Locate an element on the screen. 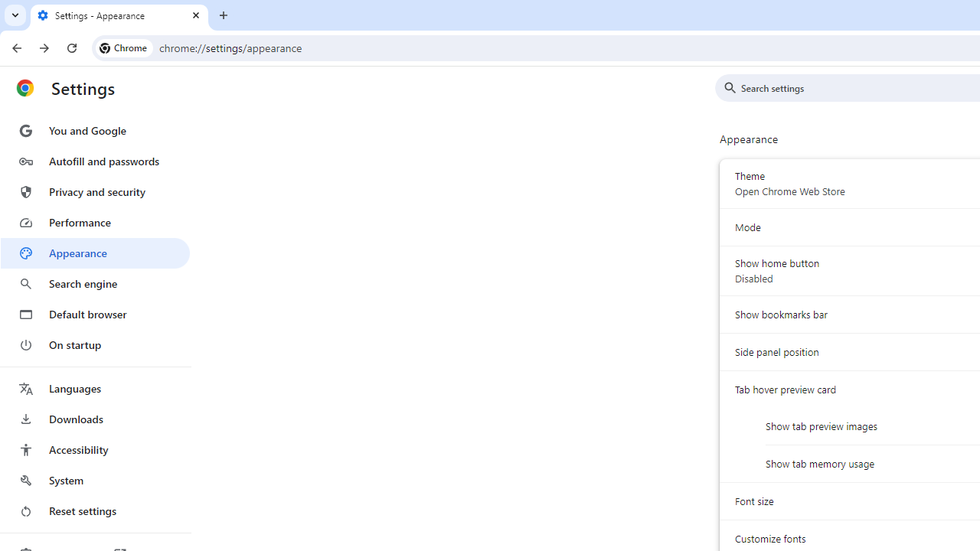 This screenshot has width=980, height=551. 'Languages' is located at coordinates (94, 387).